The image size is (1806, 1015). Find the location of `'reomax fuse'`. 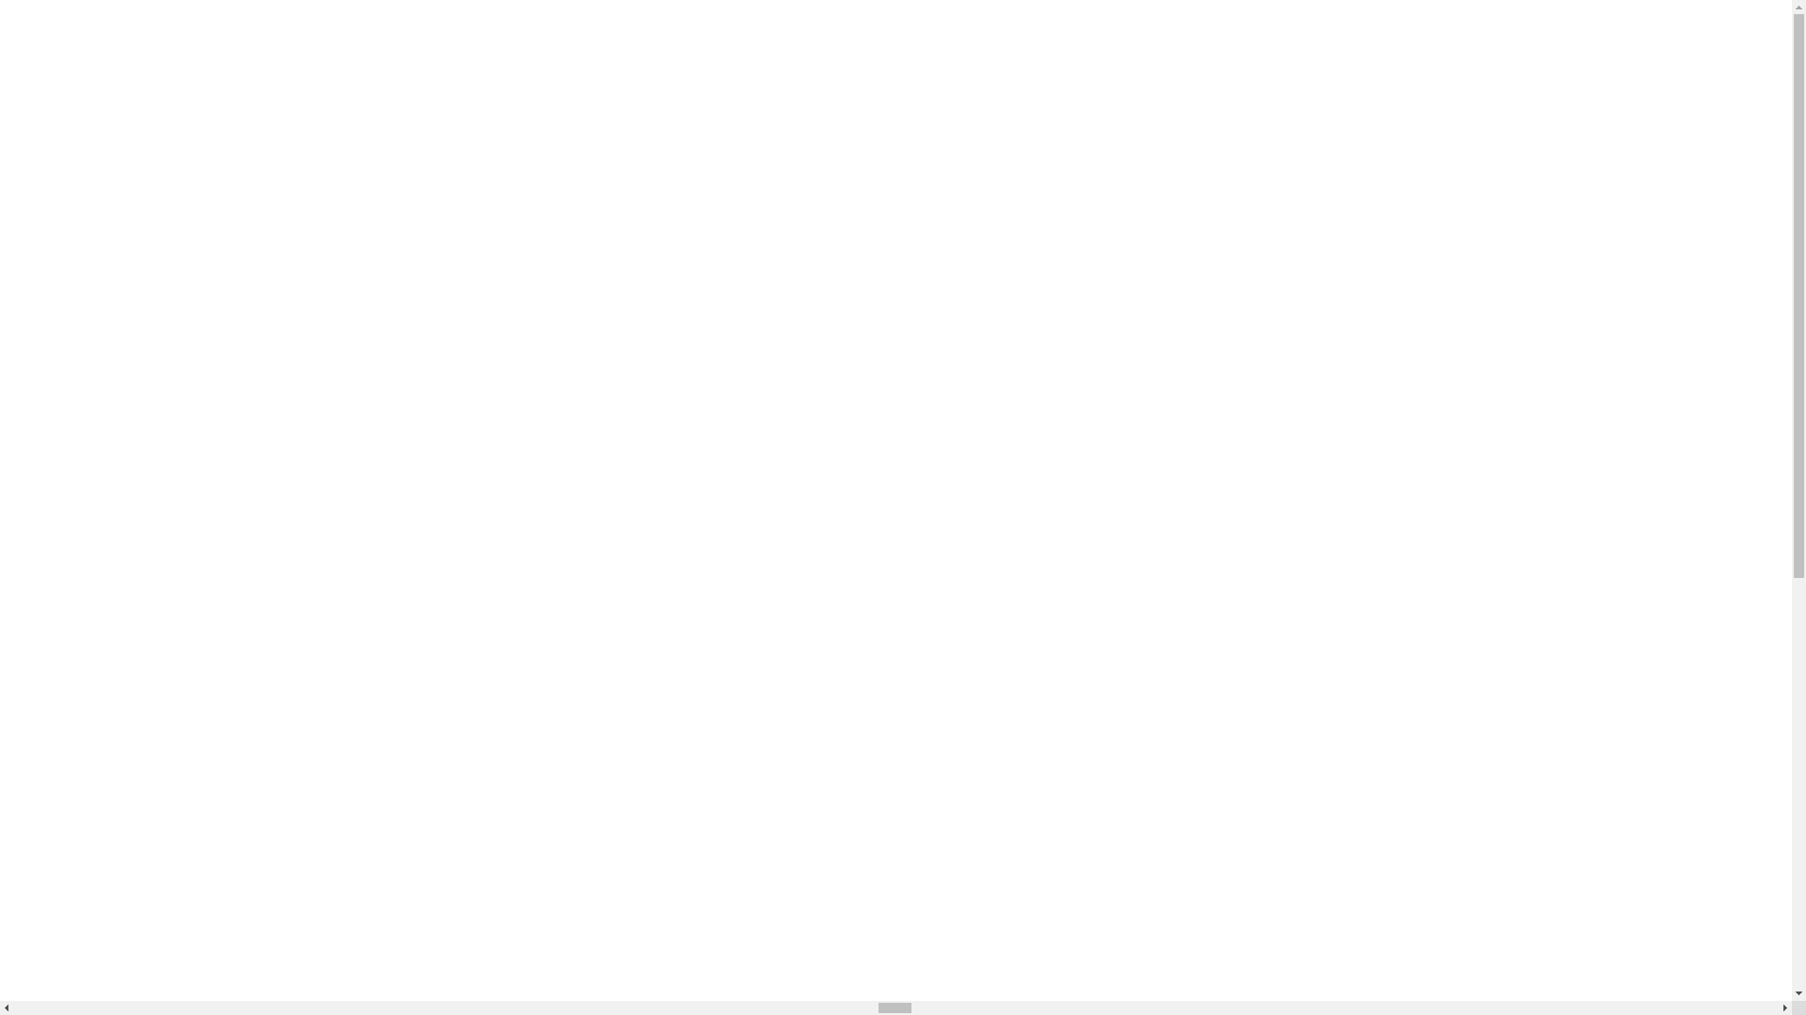

'reomax fuse' is located at coordinates (124, 481).